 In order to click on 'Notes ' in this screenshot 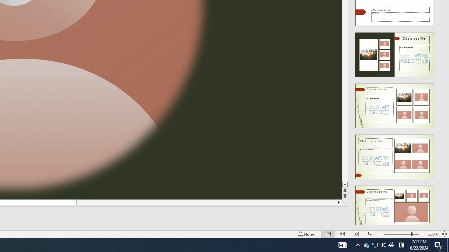, I will do `click(307, 234)`.